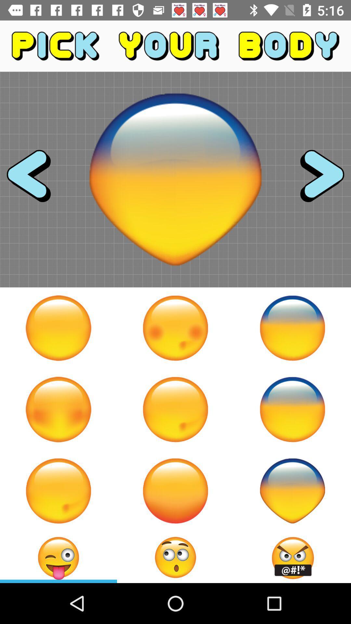 The height and width of the screenshot is (624, 351). What do you see at coordinates (292, 409) in the screenshot?
I see `the emoji` at bounding box center [292, 409].